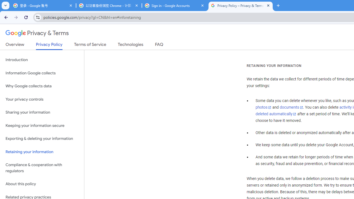 This screenshot has height=199, width=354. I want to click on 'Information Google collects', so click(42, 73).